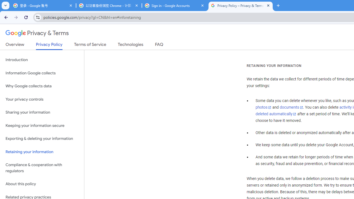 This screenshot has height=199, width=354. I want to click on 'Information Google collects', so click(42, 73).